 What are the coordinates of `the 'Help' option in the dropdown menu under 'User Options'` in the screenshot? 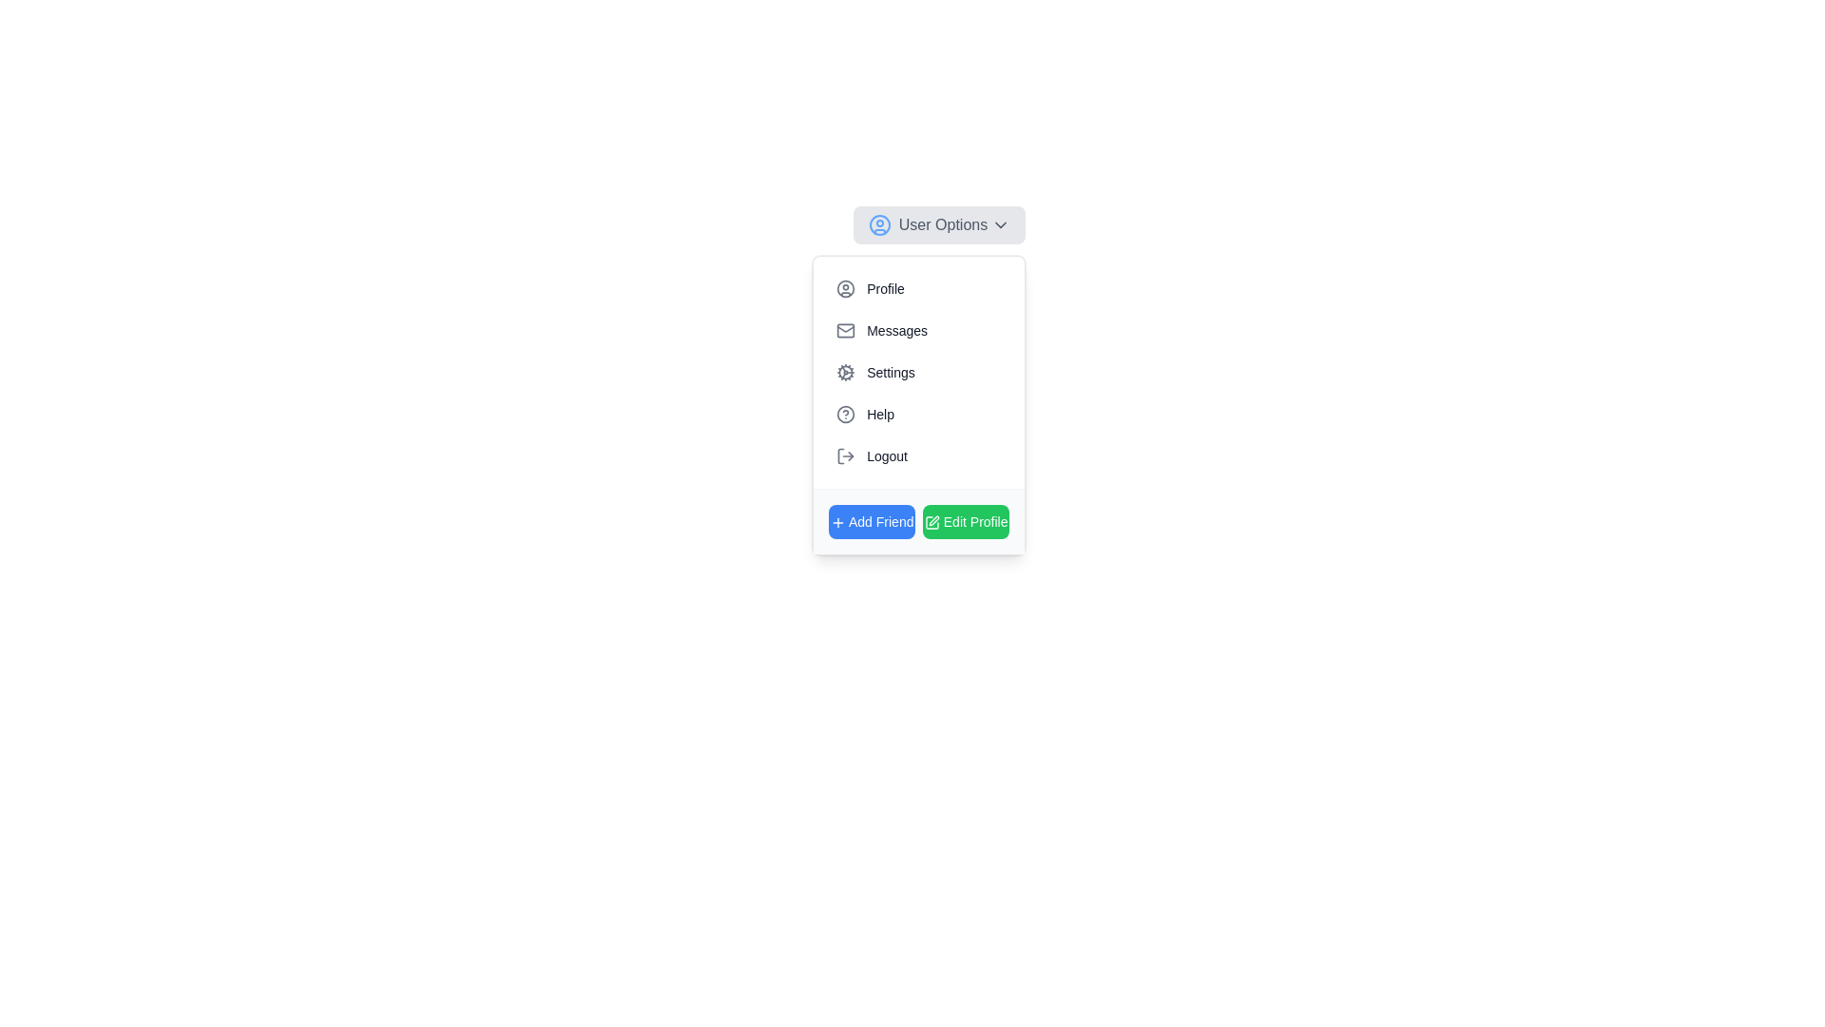 It's located at (919, 404).